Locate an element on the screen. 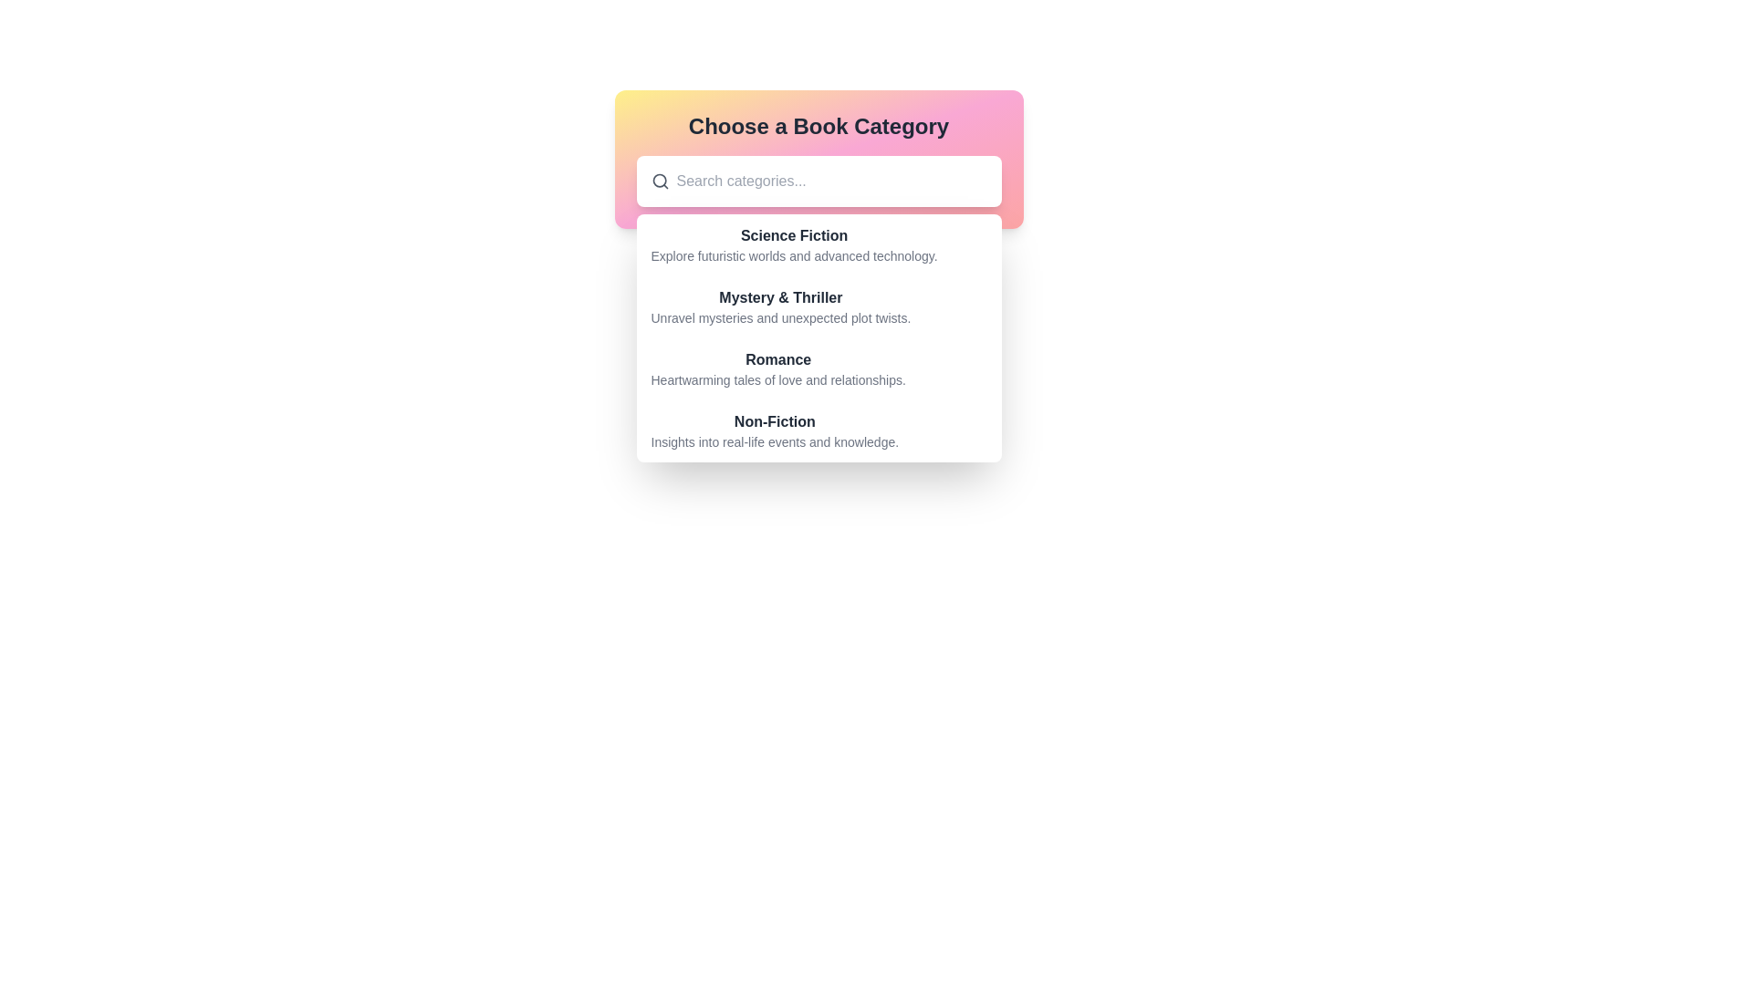  the text segment displaying 'Unravel mysteries and unexpected plot twists.' which is located below the 'Mystery & Thriller' title to use this text for understanding the category is located at coordinates (780, 316).